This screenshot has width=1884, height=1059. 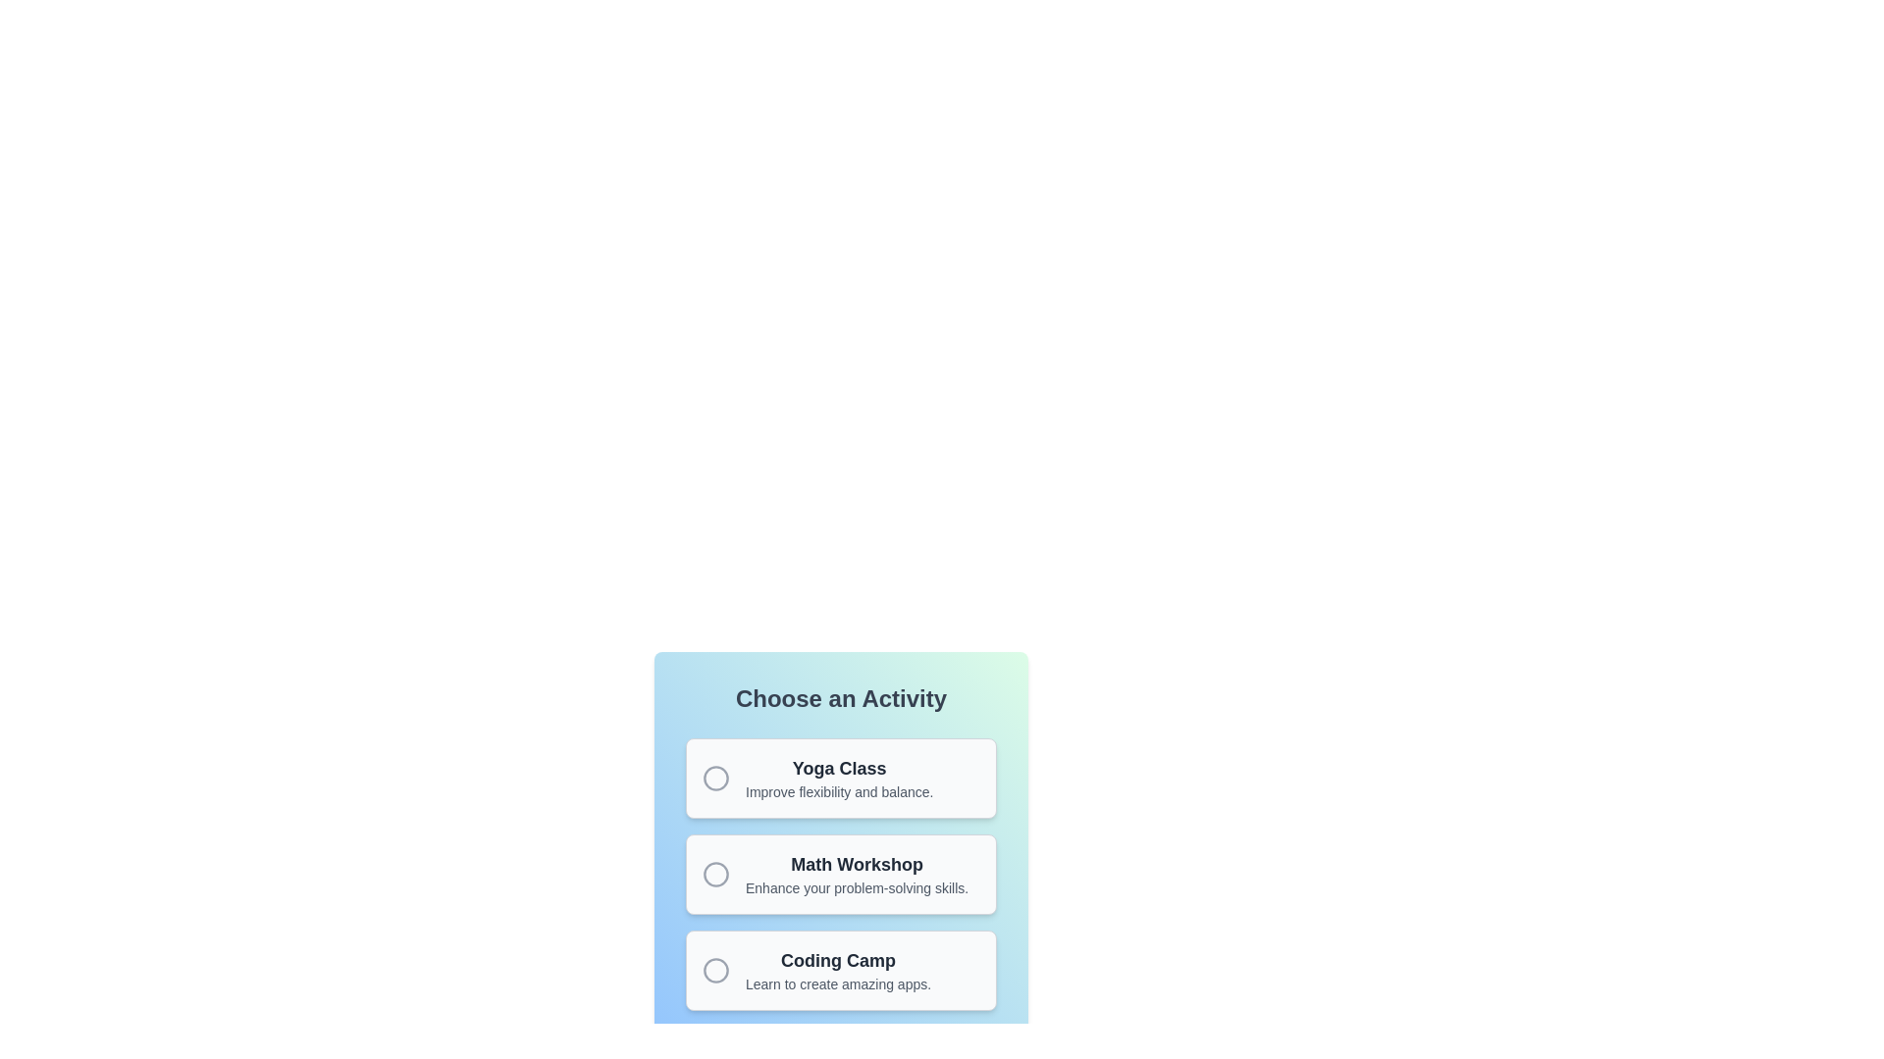 What do you see at coordinates (714, 873) in the screenshot?
I see `the radio button indicator for the 'Math Workshop' option, which is part of the second activity option in the list of three activity options` at bounding box center [714, 873].